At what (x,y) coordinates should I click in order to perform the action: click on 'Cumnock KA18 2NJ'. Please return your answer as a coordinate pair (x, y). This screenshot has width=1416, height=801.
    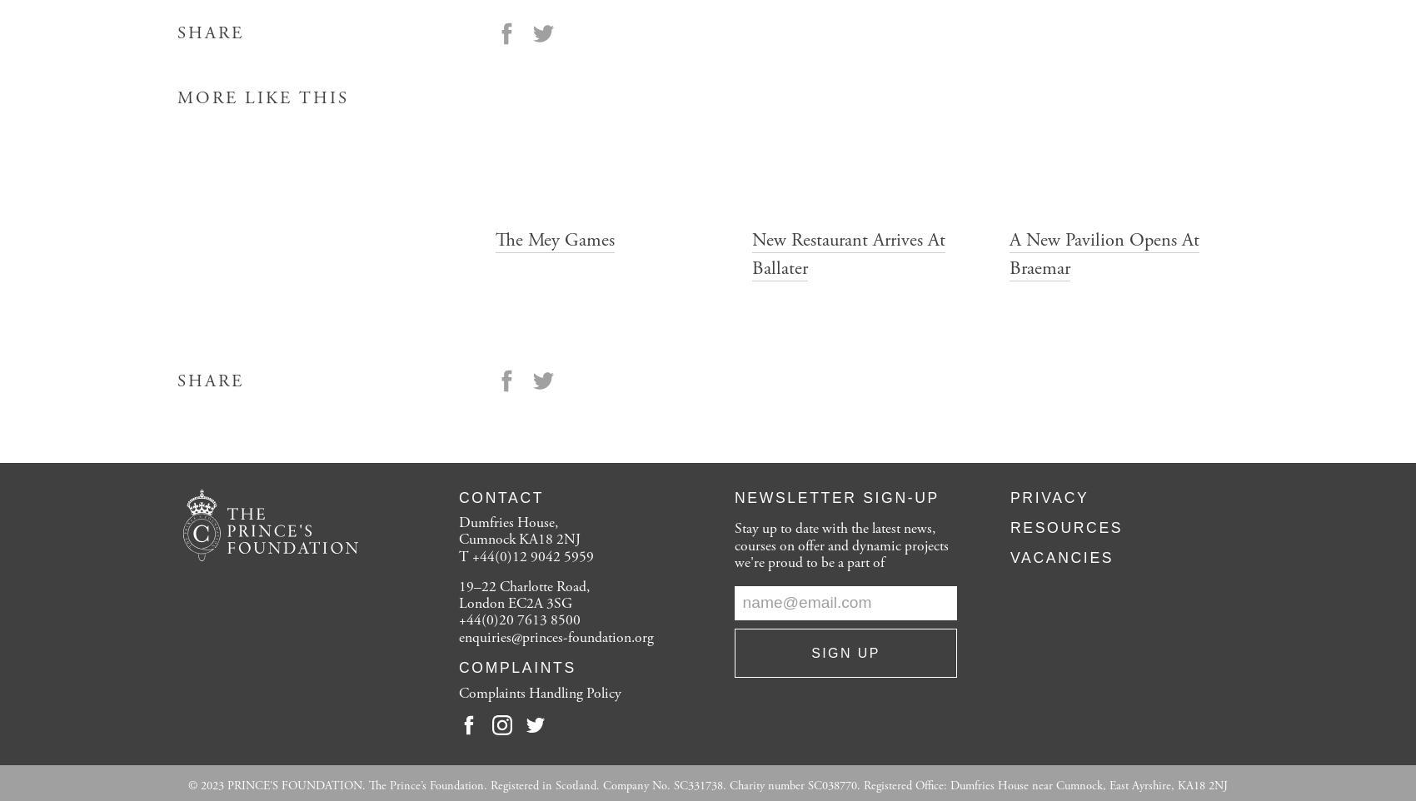
    Looking at the image, I should click on (457, 540).